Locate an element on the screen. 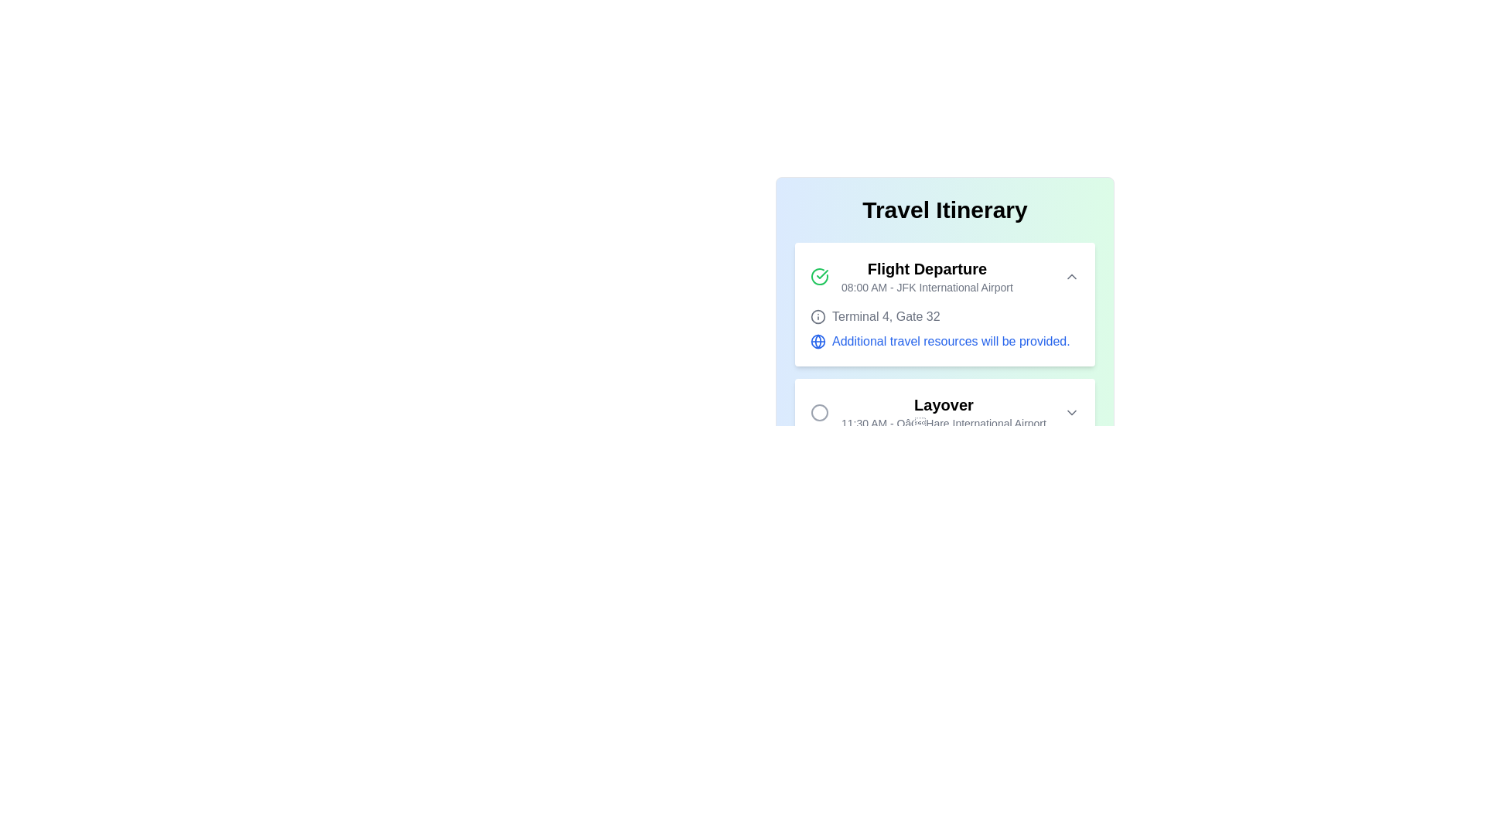 This screenshot has width=1485, height=835. the decorative icon in the 'Flight Departure' section of the 'Travel Itinerary' card, which represents additional travel details is located at coordinates (817, 341).